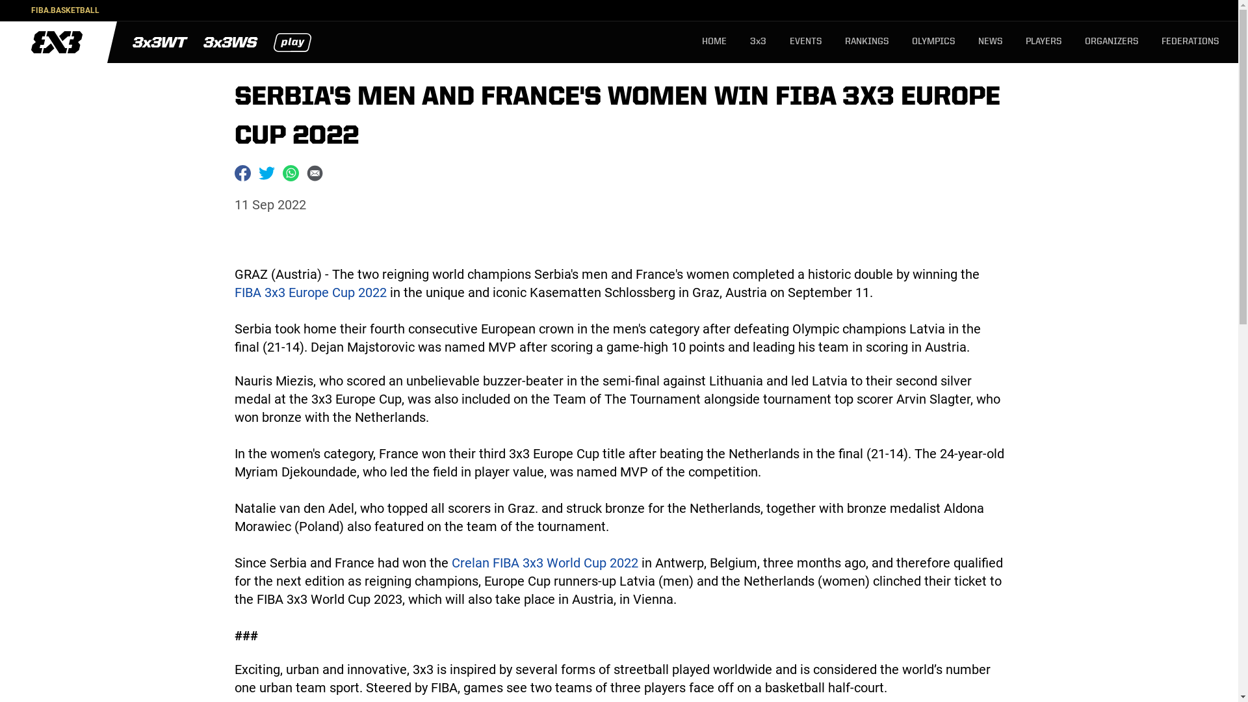 The width and height of the screenshot is (1248, 702). What do you see at coordinates (309, 292) in the screenshot?
I see `'FIBA 3x3 Europe Cup 2022'` at bounding box center [309, 292].